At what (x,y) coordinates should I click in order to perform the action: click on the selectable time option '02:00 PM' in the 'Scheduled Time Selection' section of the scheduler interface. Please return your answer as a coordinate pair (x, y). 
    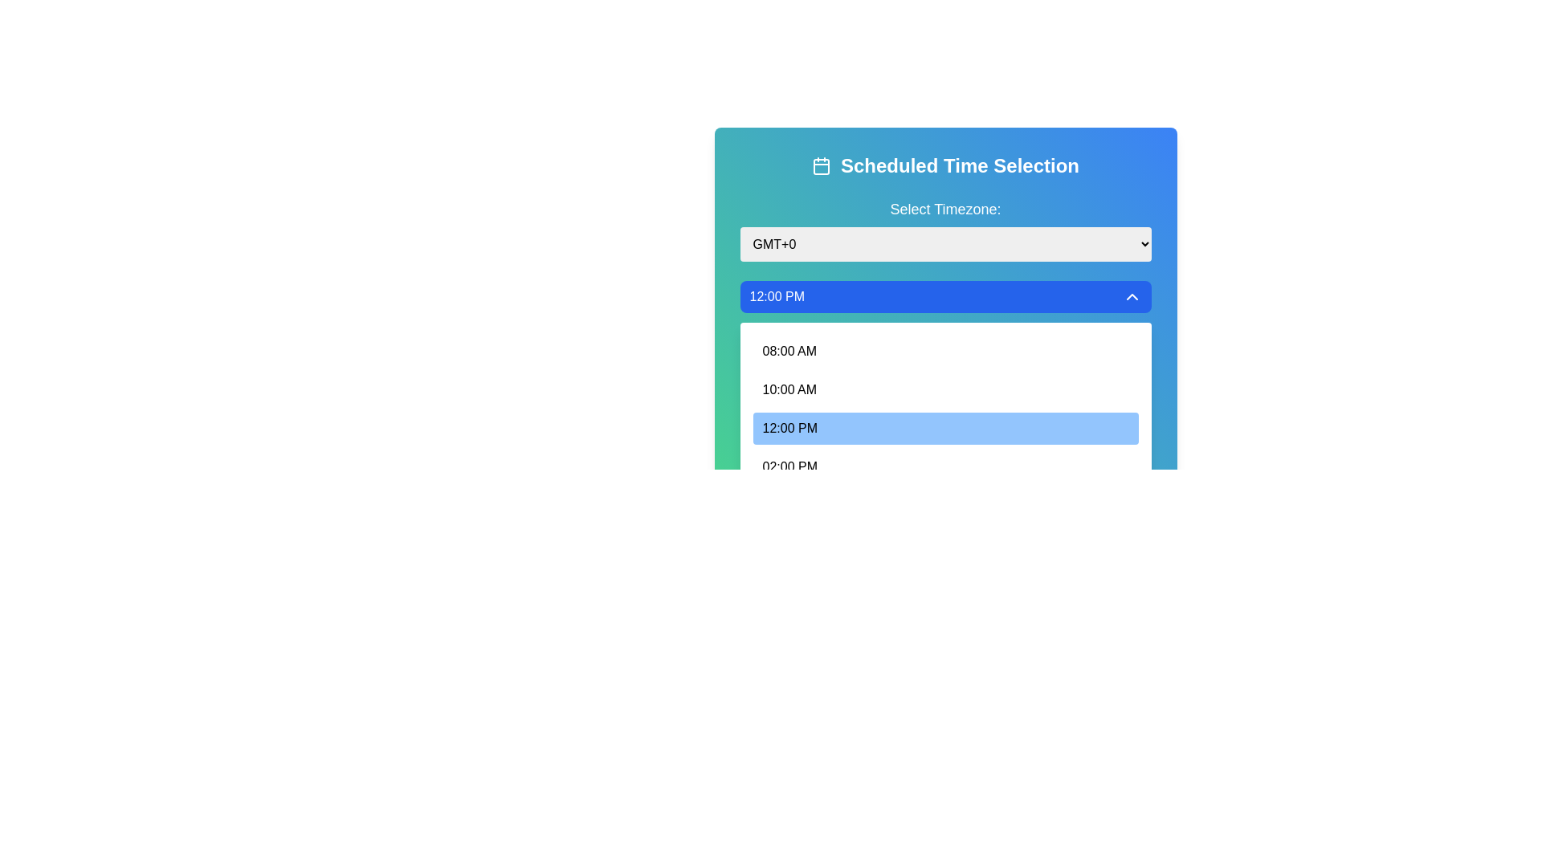
    Looking at the image, I should click on (945, 467).